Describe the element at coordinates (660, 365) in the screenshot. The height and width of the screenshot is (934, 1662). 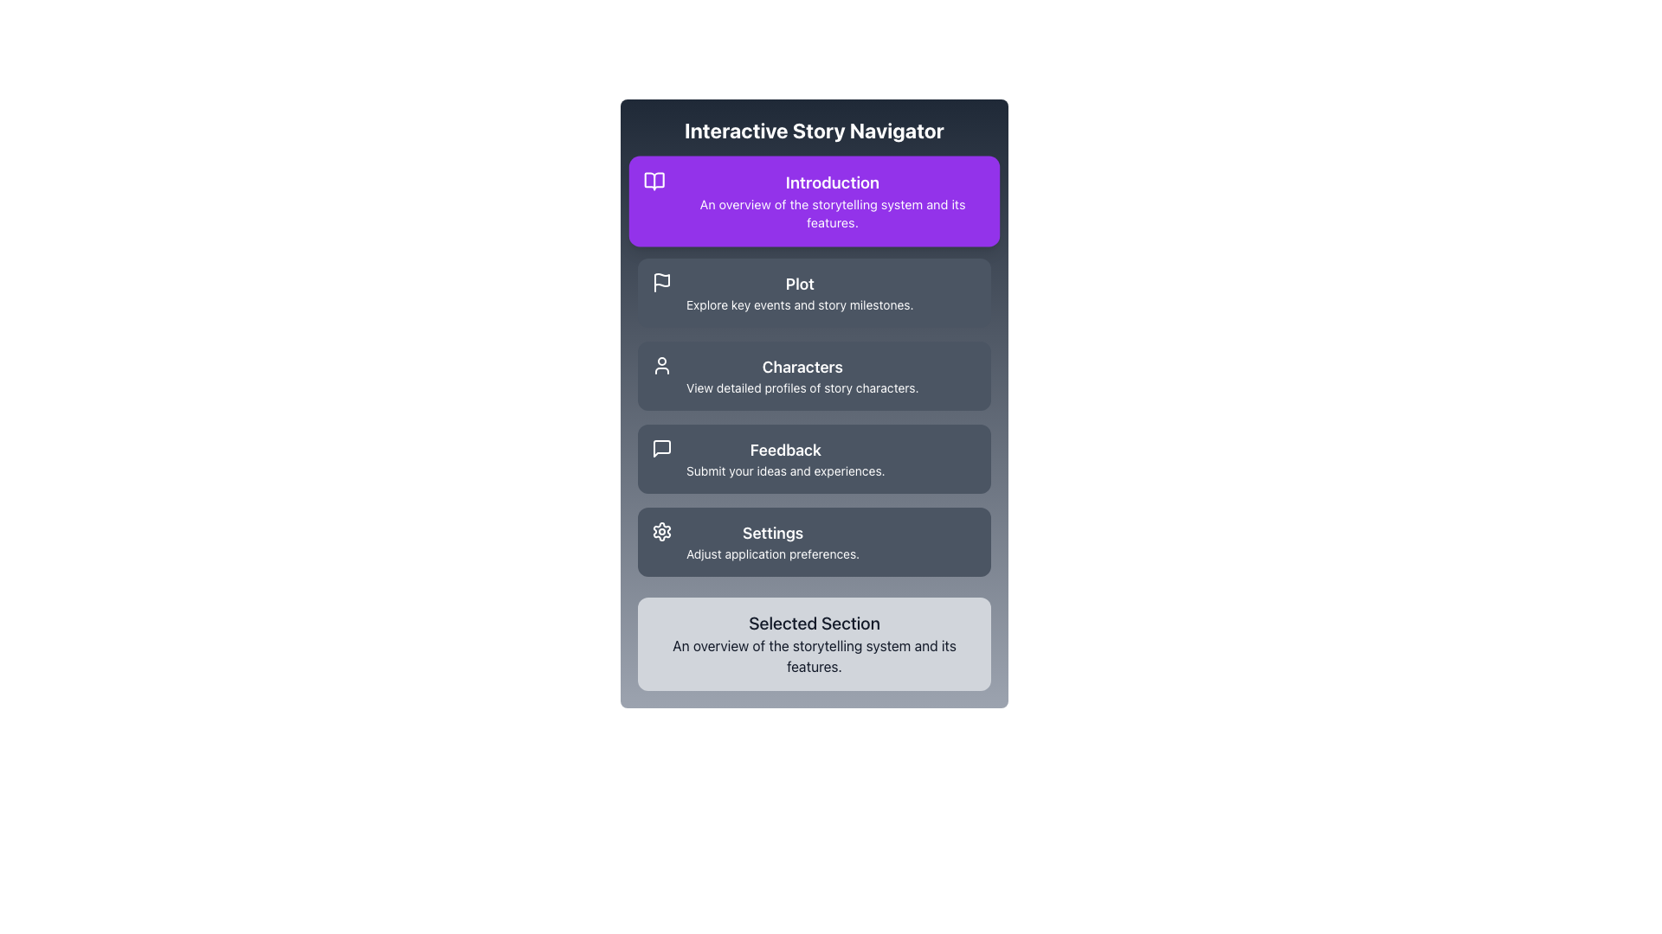
I see `the user profile icon resembling a person's silhouette located in the 'Characters' menu option` at that location.